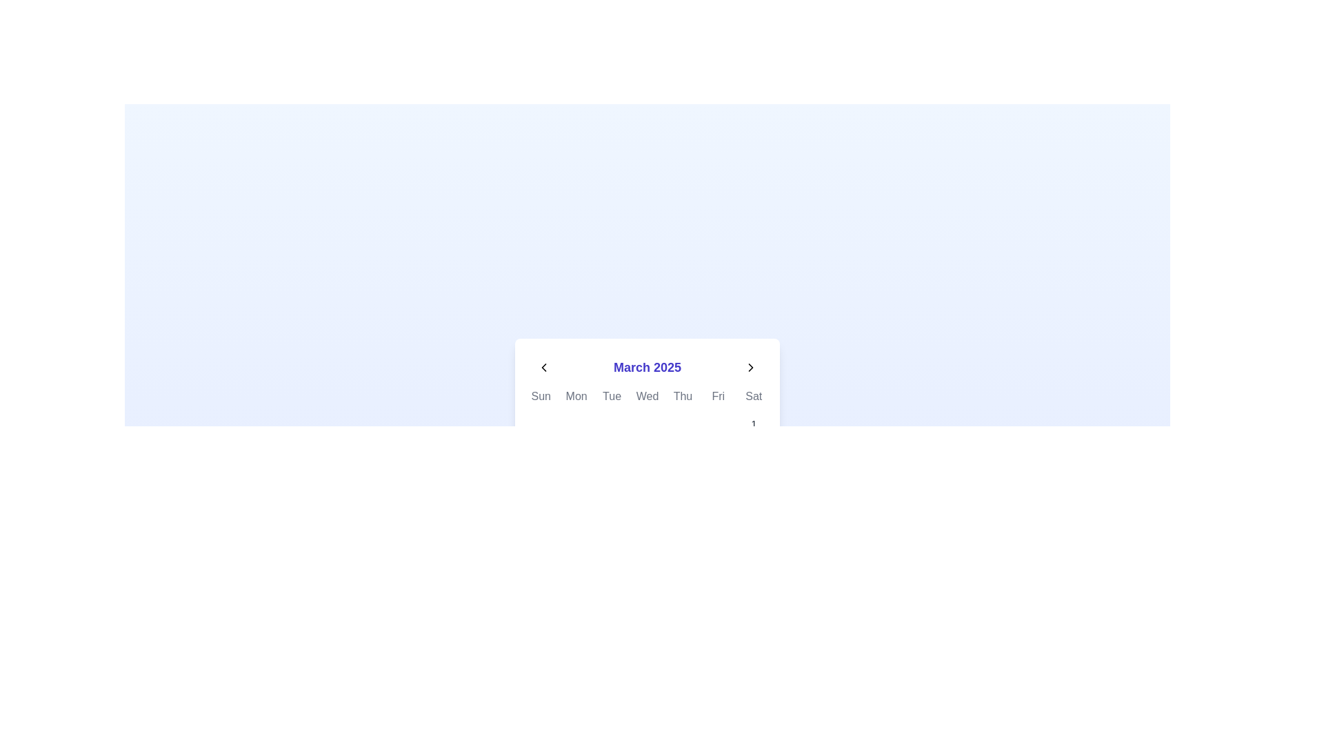  What do you see at coordinates (717, 423) in the screenshot?
I see `the button-like placeholder located in the calendar grid under the 'Fri' column, which has rounded corners and a plain background` at bounding box center [717, 423].